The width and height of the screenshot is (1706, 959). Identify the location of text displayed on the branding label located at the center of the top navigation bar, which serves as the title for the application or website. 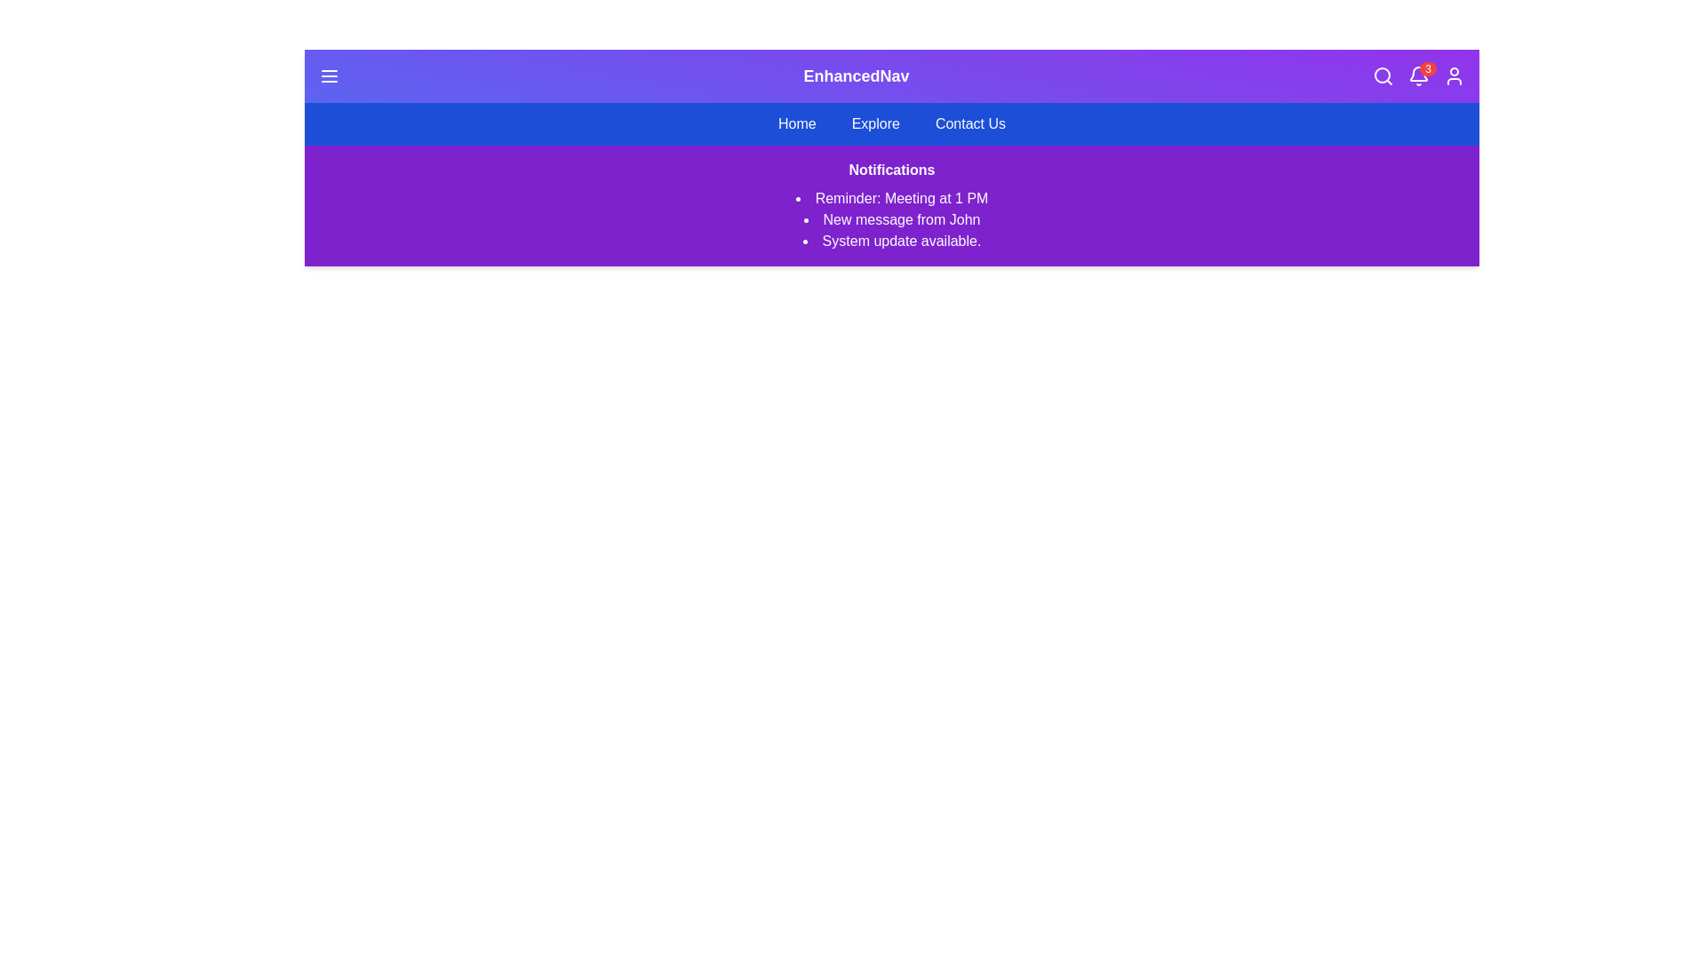
(857, 75).